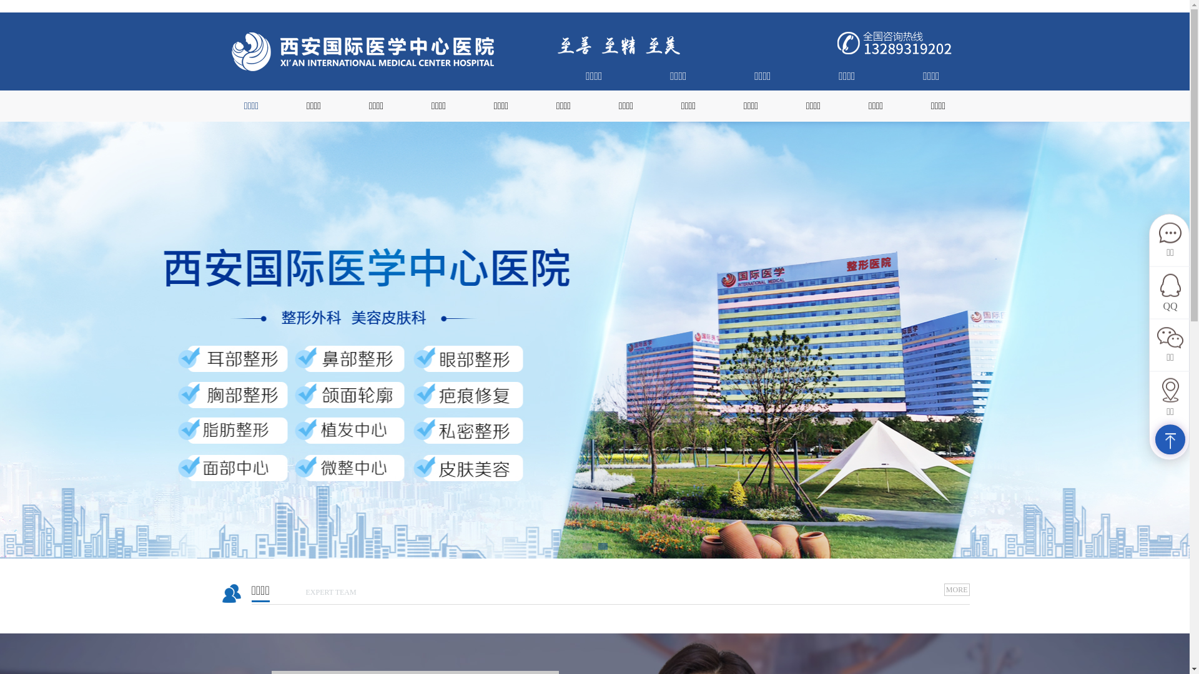  I want to click on 'MORE', so click(956, 590).